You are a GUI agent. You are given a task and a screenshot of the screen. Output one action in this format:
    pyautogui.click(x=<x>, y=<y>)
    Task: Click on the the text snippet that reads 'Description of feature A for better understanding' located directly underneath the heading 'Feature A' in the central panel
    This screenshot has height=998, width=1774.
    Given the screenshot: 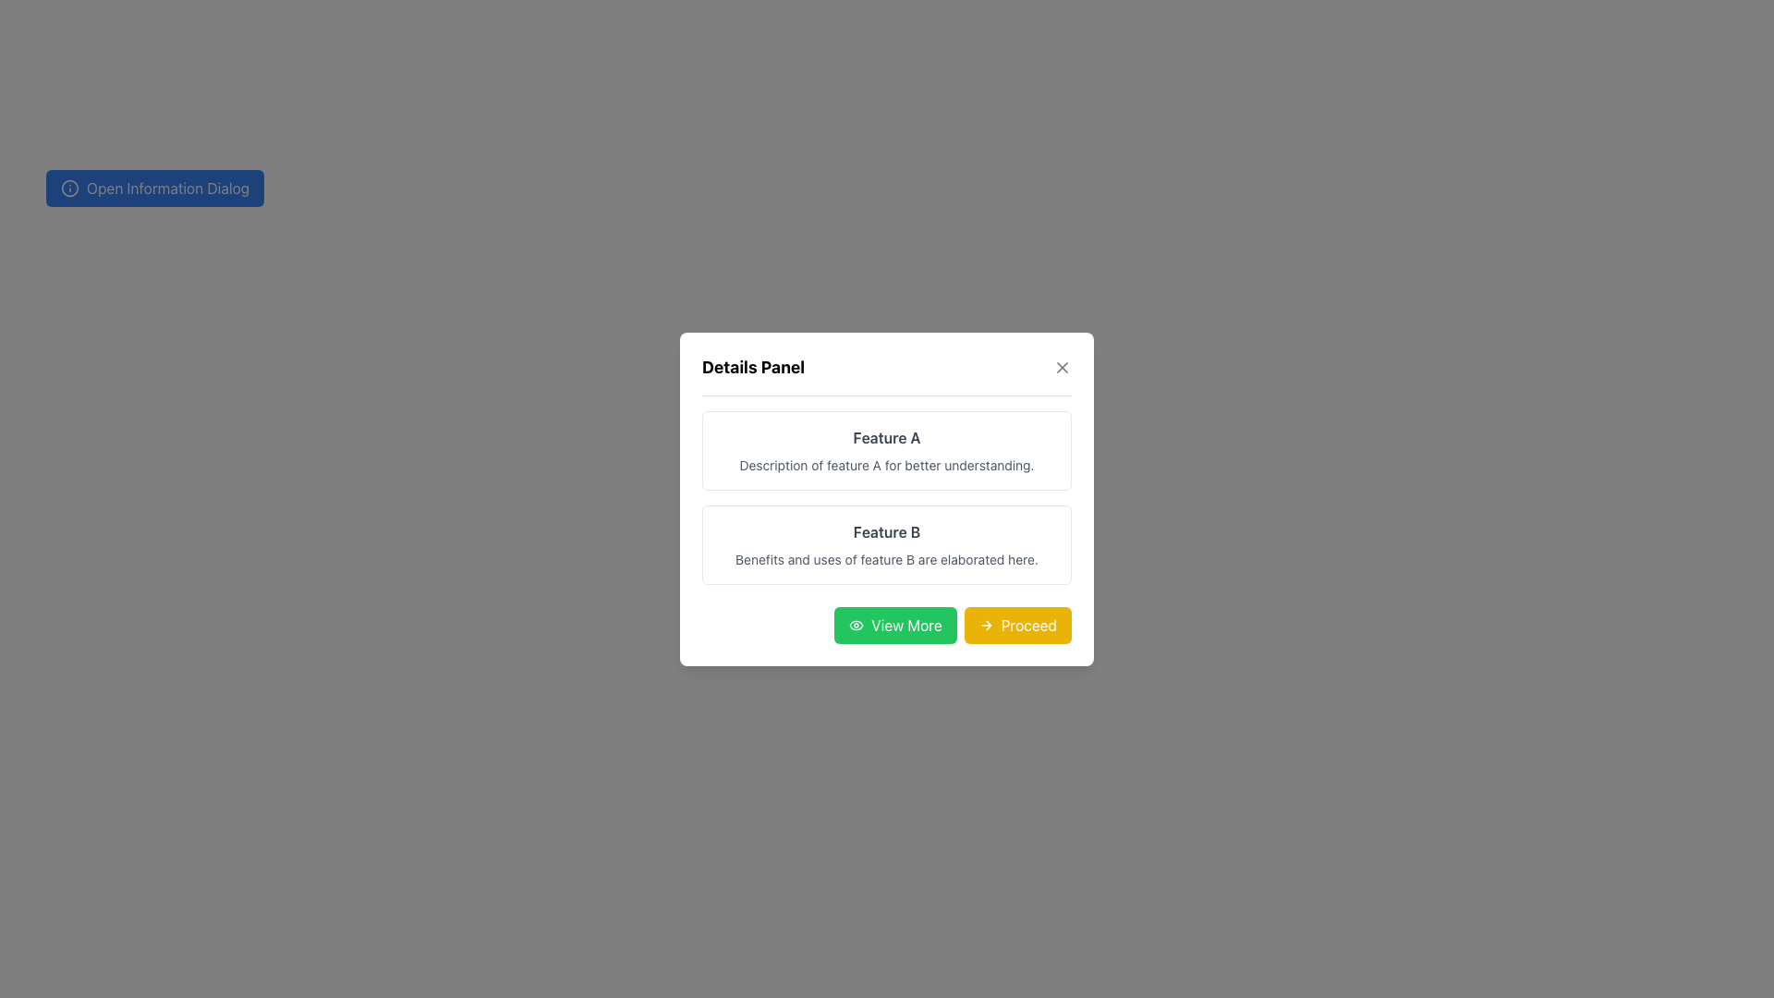 What is the action you would take?
    pyautogui.click(x=887, y=463)
    